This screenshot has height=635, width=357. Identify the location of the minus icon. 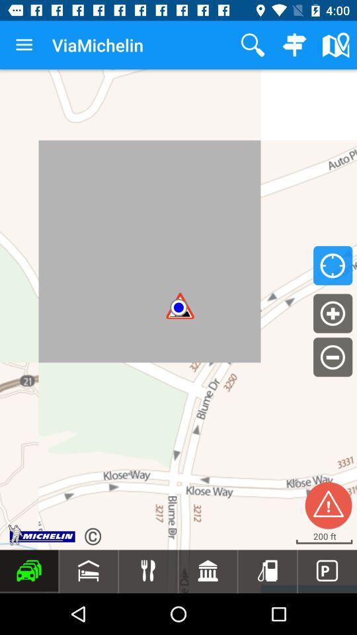
(332, 356).